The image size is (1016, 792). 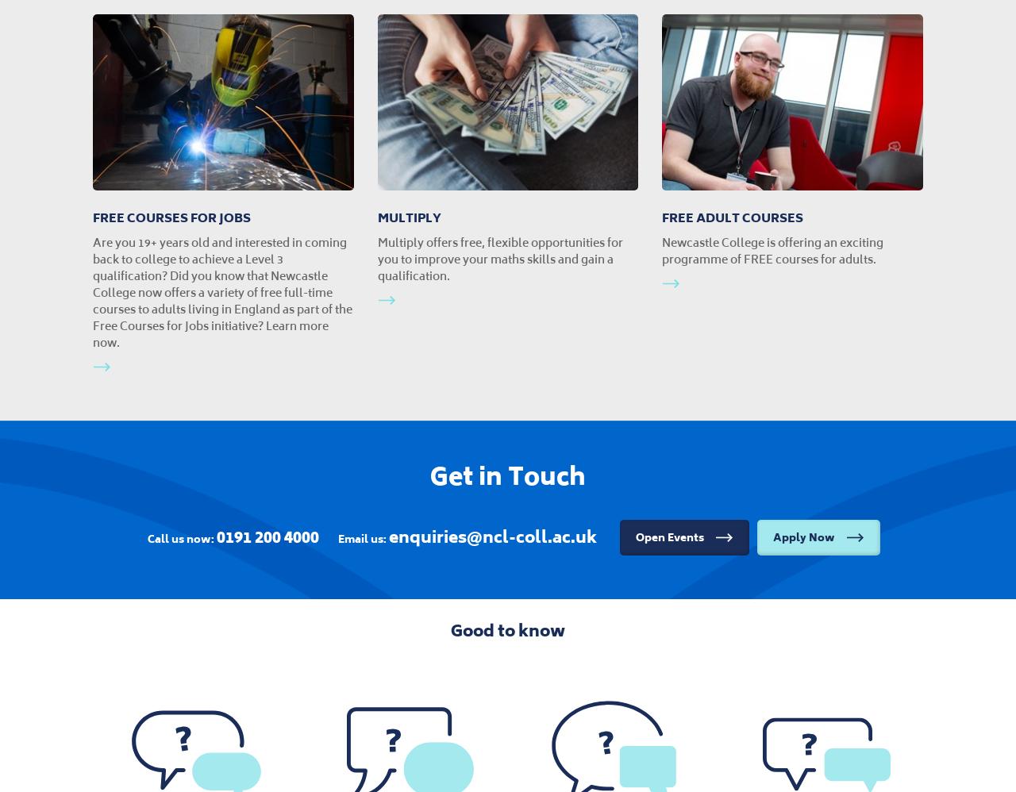 What do you see at coordinates (506, 629) in the screenshot?
I see `'Good to know'` at bounding box center [506, 629].